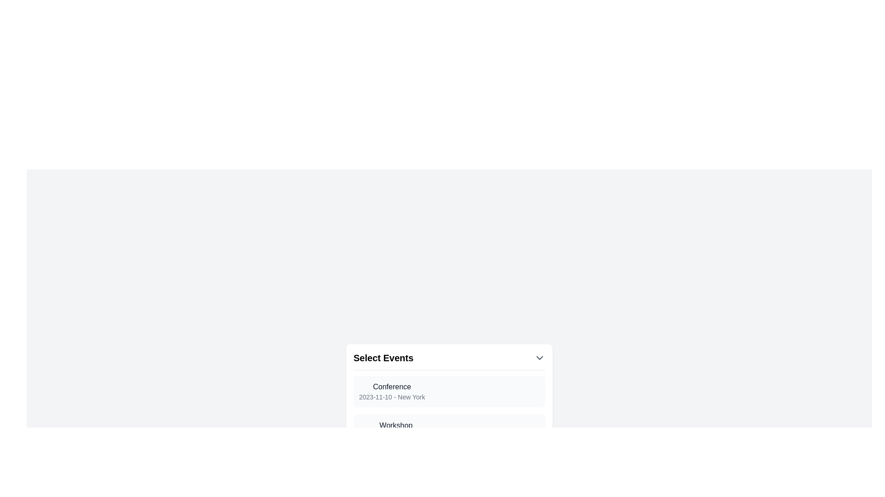 Image resolution: width=885 pixels, height=497 pixels. I want to click on event details from the text block titled 'Conference' located in the 'Select Events' drop-down menu, which contains two lines of text, the first being 'Conference' and the second '2023-11-10 - New York', so click(392, 391).